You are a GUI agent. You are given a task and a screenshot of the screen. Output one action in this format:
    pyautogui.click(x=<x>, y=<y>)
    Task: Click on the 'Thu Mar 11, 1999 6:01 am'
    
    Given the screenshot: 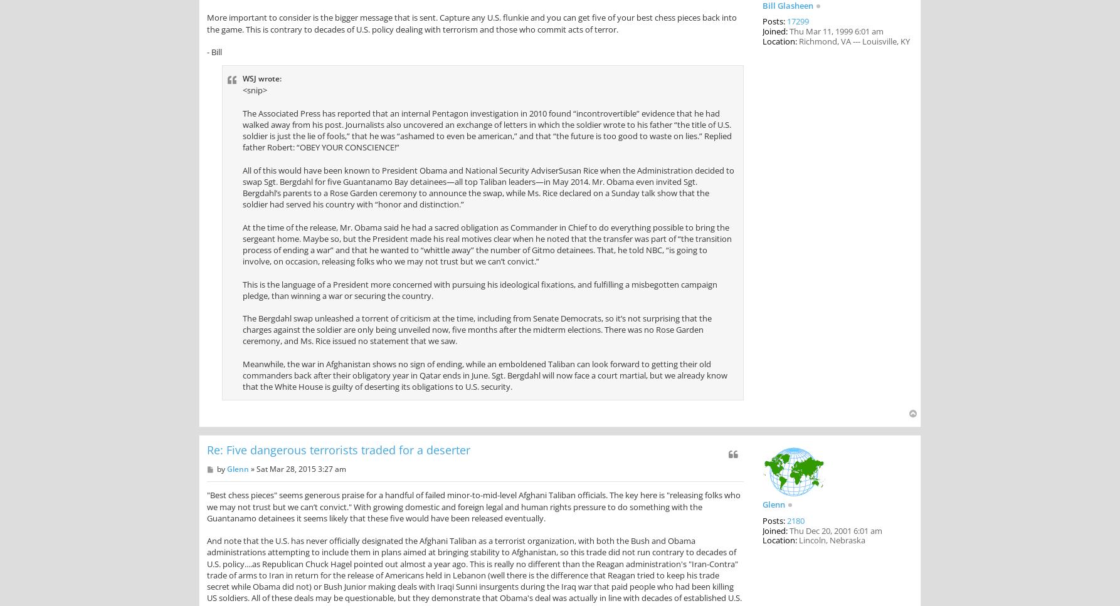 What is the action you would take?
    pyautogui.click(x=835, y=30)
    